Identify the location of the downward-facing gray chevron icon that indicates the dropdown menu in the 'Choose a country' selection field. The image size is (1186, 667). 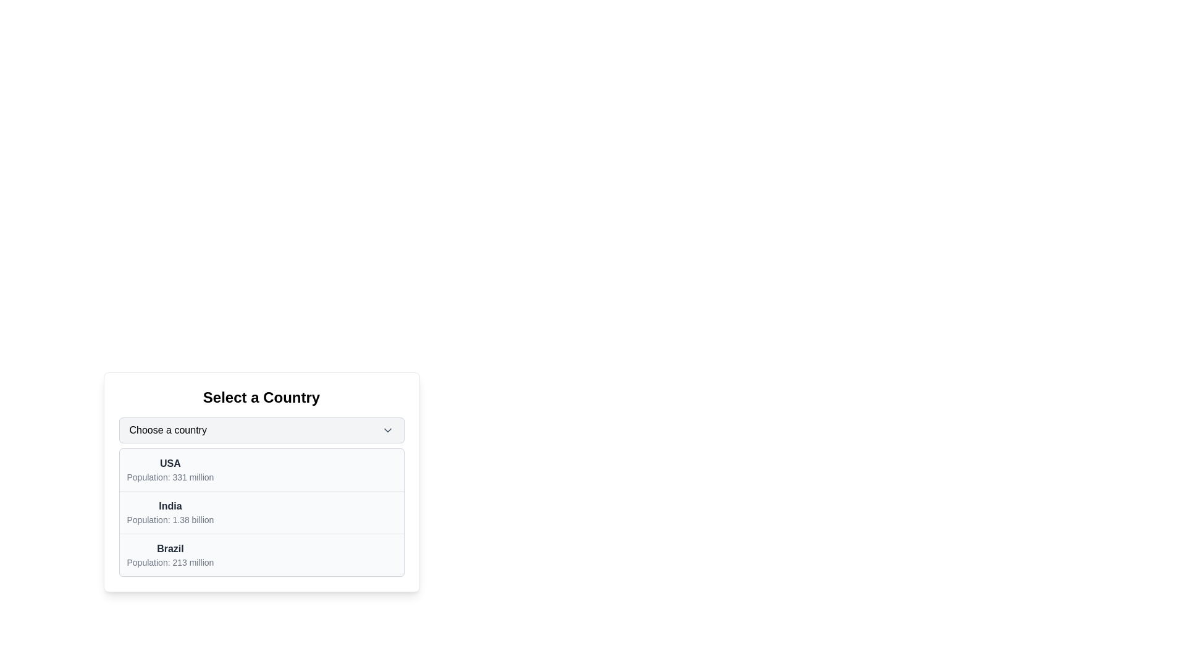
(387, 430).